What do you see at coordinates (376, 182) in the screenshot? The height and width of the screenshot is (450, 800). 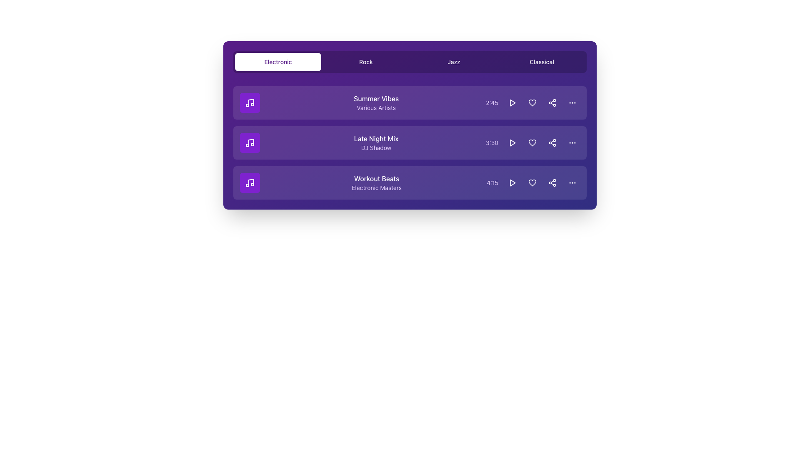 I see `displayed text 'Workout Beats' from the text display element located in the lower part of the list of music items in the 'Electronic' tab` at bounding box center [376, 182].